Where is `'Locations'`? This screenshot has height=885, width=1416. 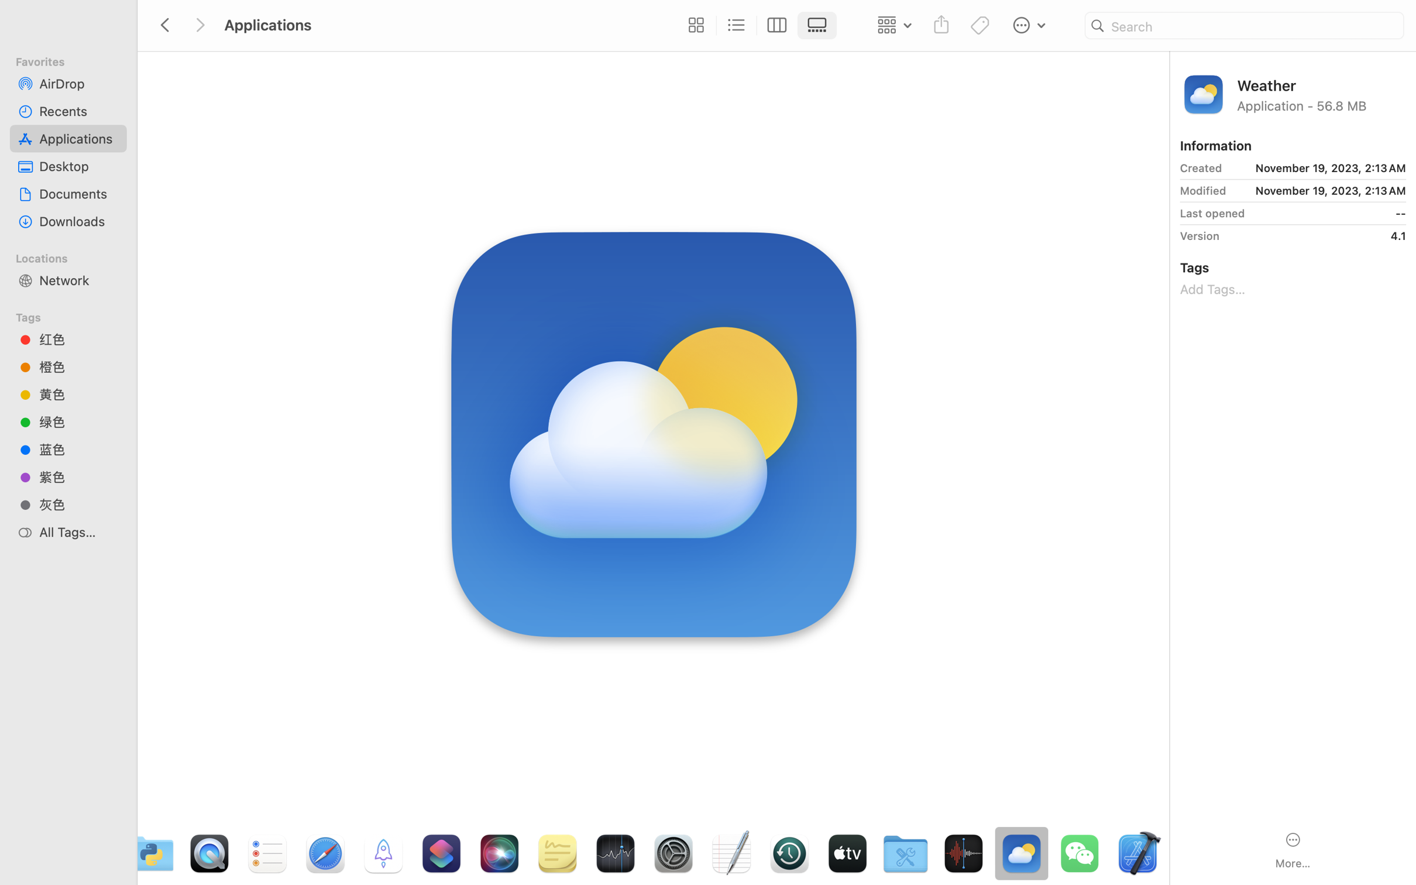 'Locations' is located at coordinates (73, 256).